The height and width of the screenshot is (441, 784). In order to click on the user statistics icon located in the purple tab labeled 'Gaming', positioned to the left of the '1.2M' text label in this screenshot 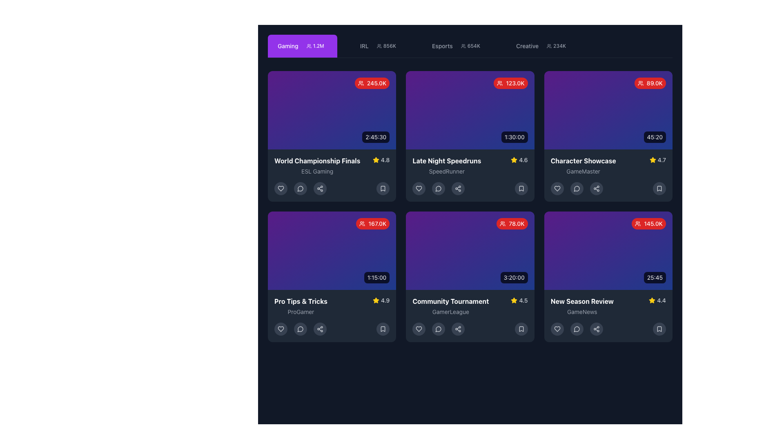, I will do `click(308, 46)`.